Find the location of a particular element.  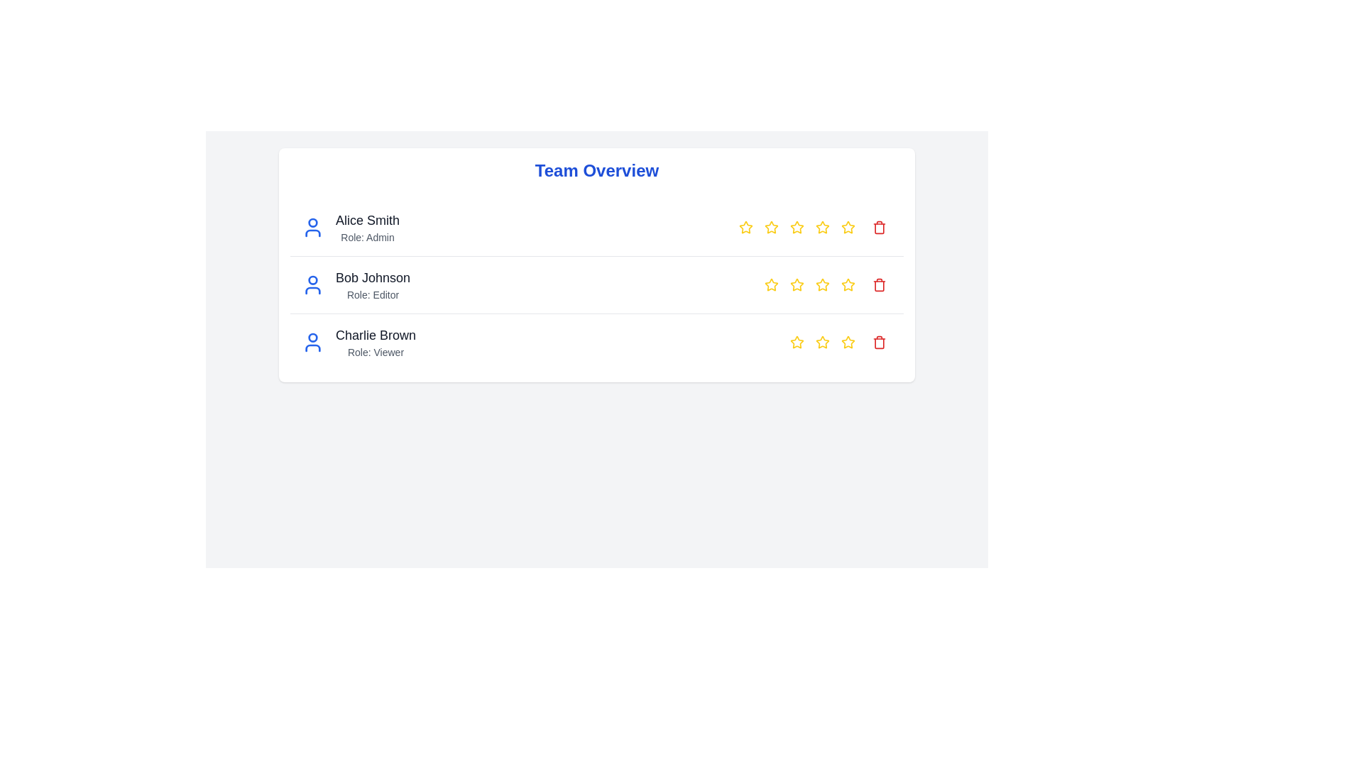

the 5th star icon in the rating system for Charlie Brown's profile to assign a maximum rating of five stars is located at coordinates (848, 342).